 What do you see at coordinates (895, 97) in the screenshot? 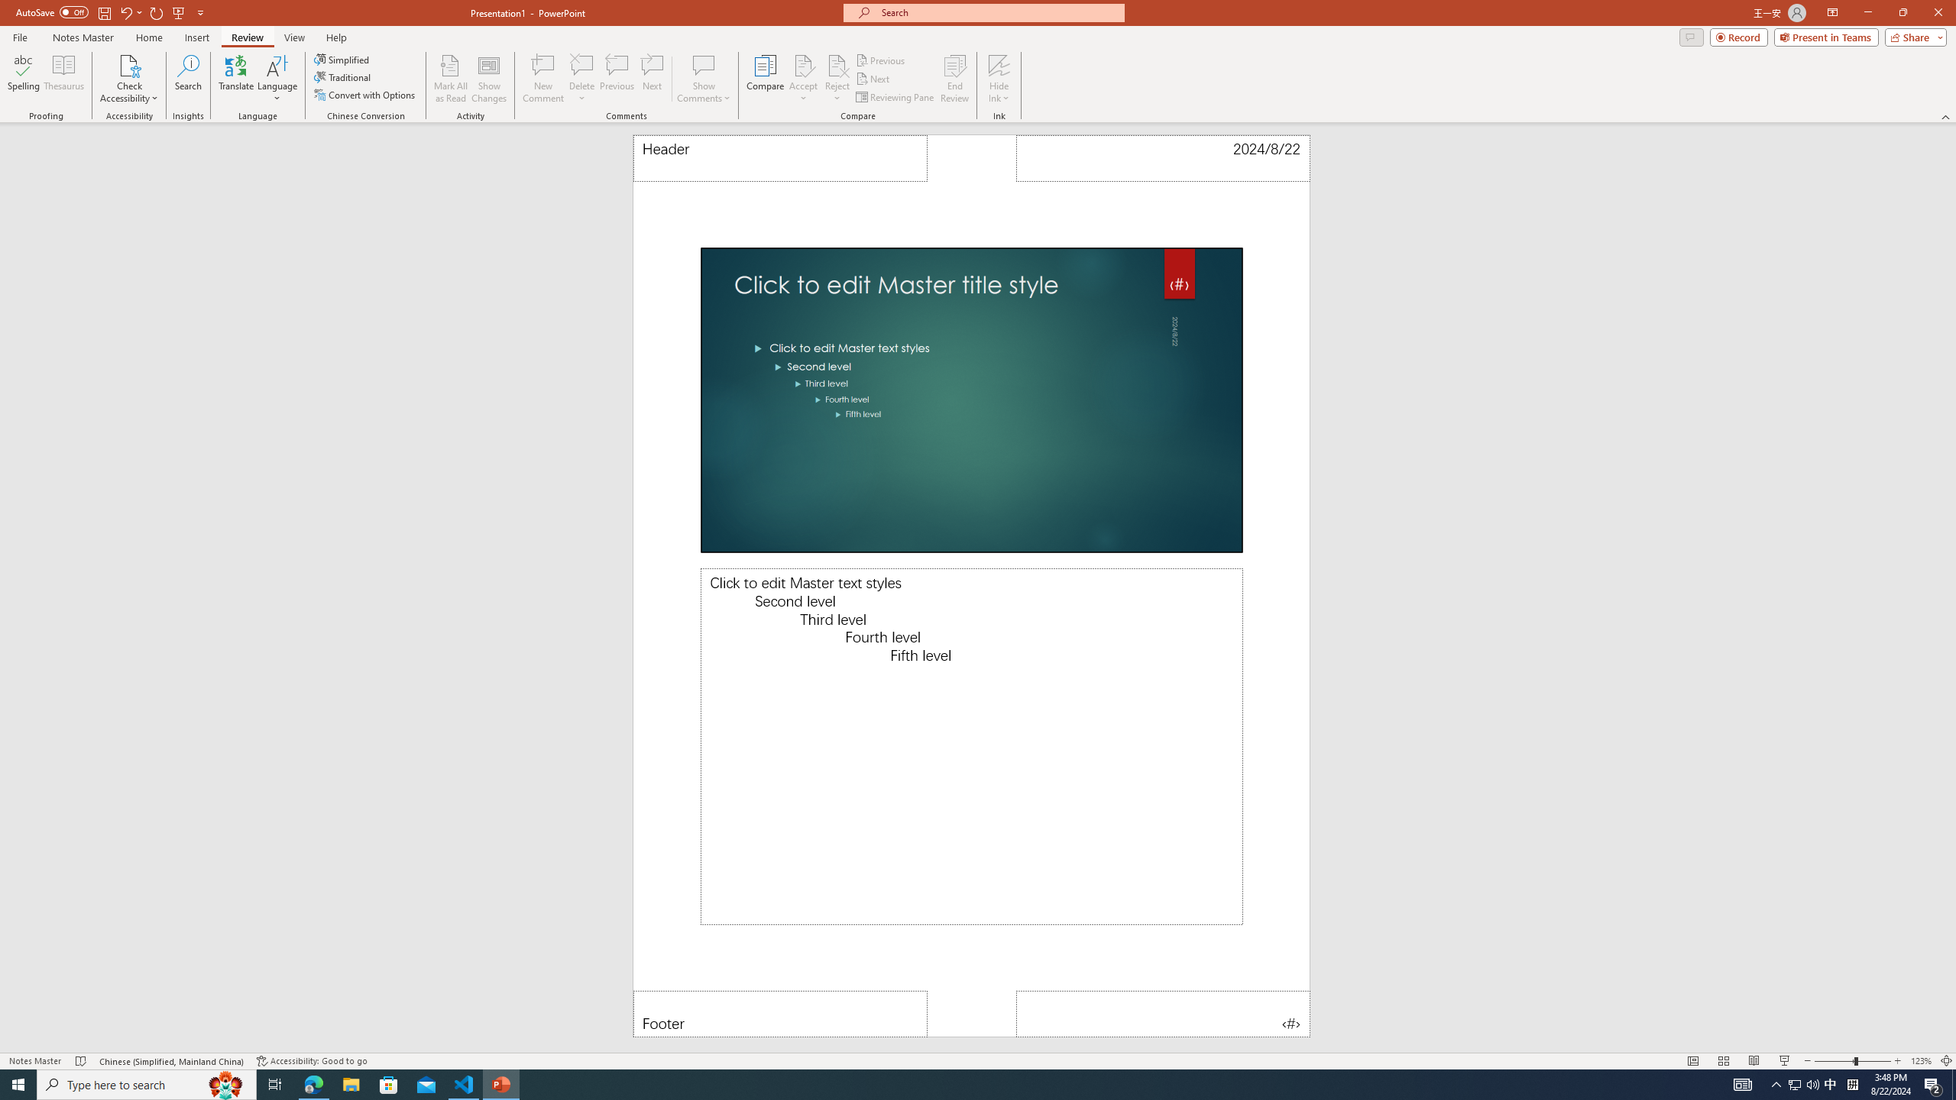
I see `'Reviewing Pane'` at bounding box center [895, 97].